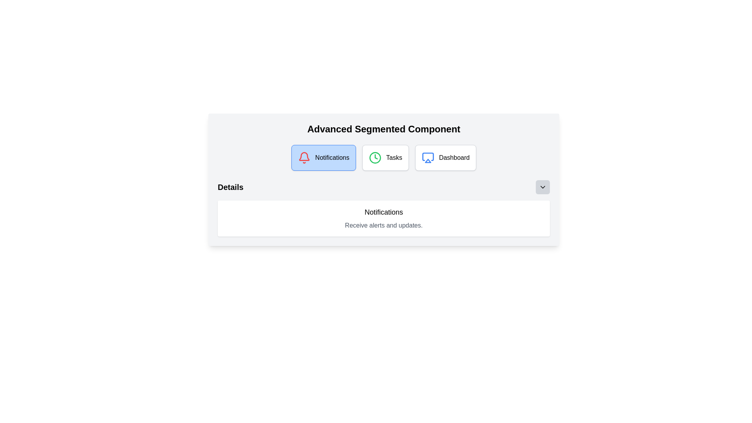  I want to click on the segmented control element for reordering options, identified by its three distinct buttons: 'Notifications', 'Tasks', and 'Dashboard', located in the 'Advanced Segmented Component', so click(383, 157).